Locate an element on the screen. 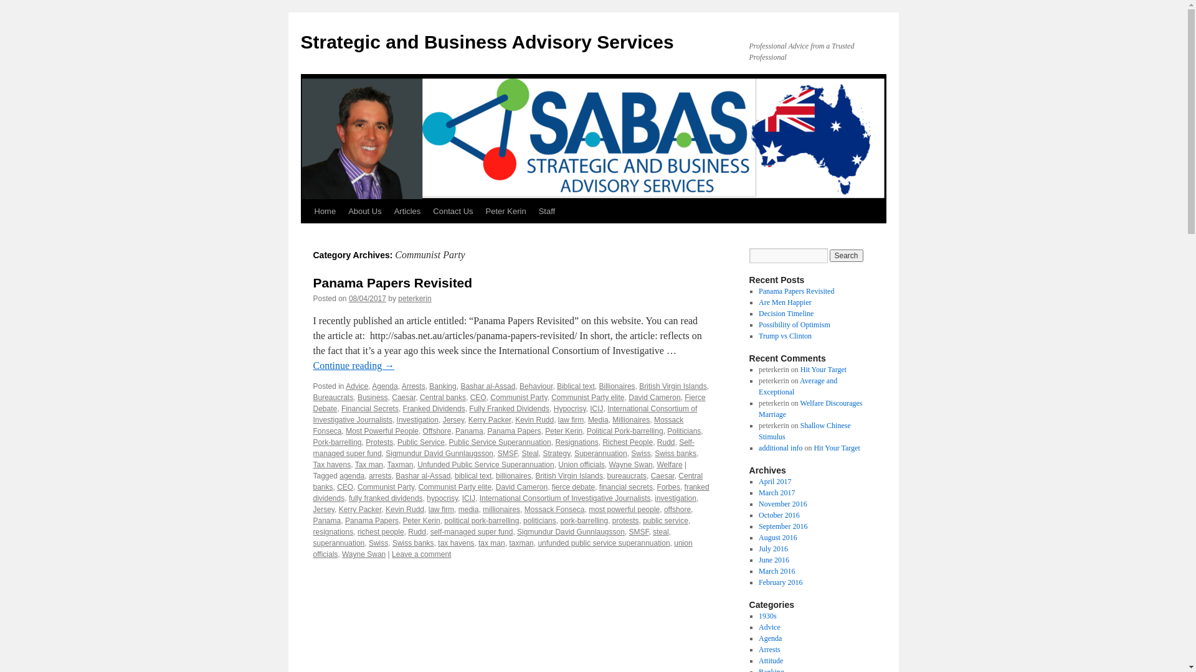  'bureaucrats' is located at coordinates (627, 475).